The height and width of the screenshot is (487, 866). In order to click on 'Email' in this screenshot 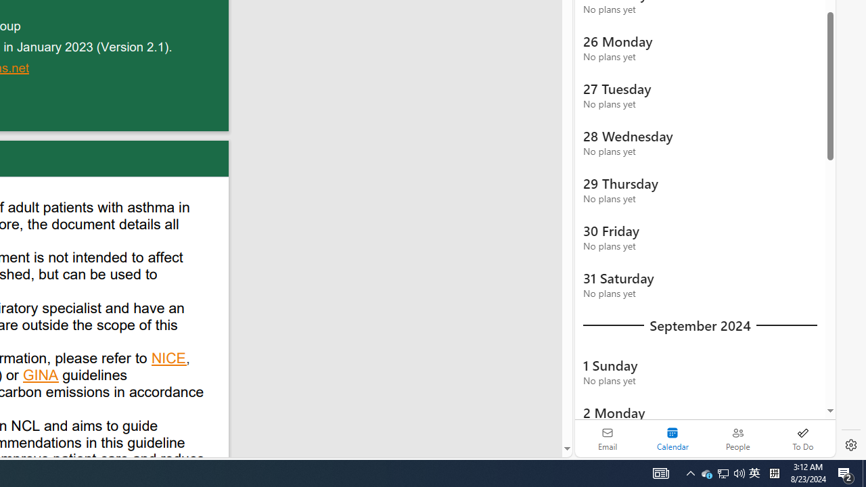, I will do `click(607, 438)`.